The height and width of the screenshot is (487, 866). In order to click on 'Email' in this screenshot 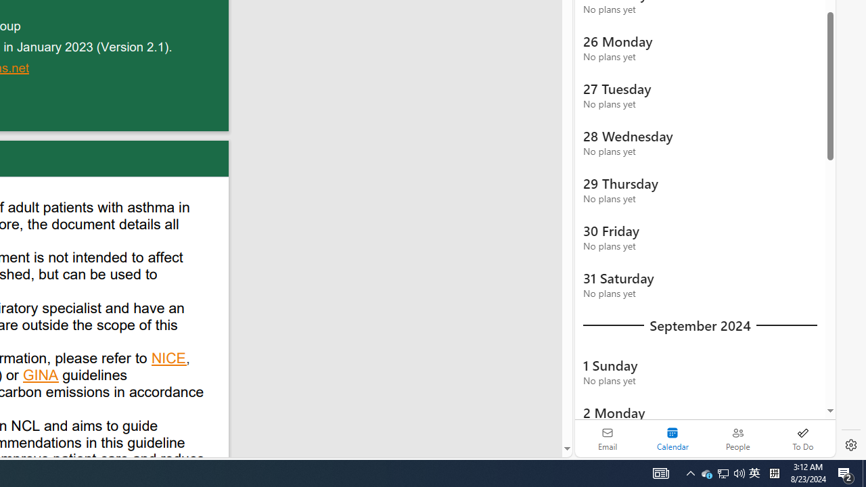, I will do `click(607, 438)`.